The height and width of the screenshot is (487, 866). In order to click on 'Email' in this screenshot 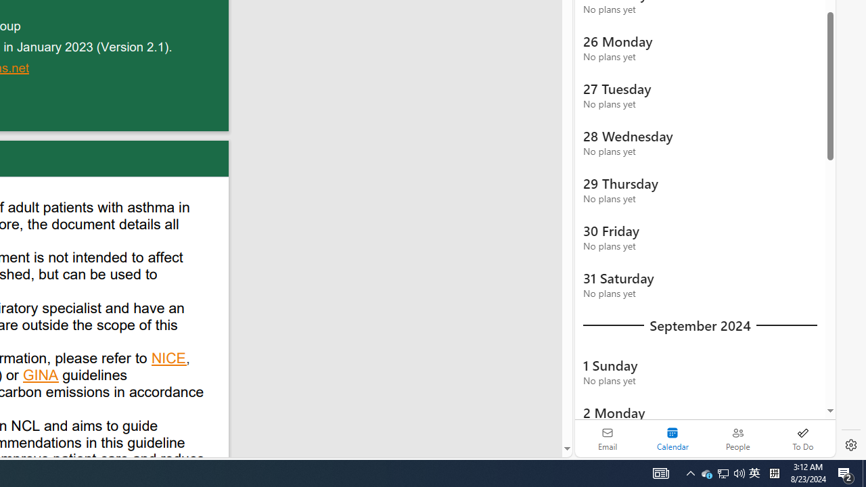, I will do `click(607, 438)`.